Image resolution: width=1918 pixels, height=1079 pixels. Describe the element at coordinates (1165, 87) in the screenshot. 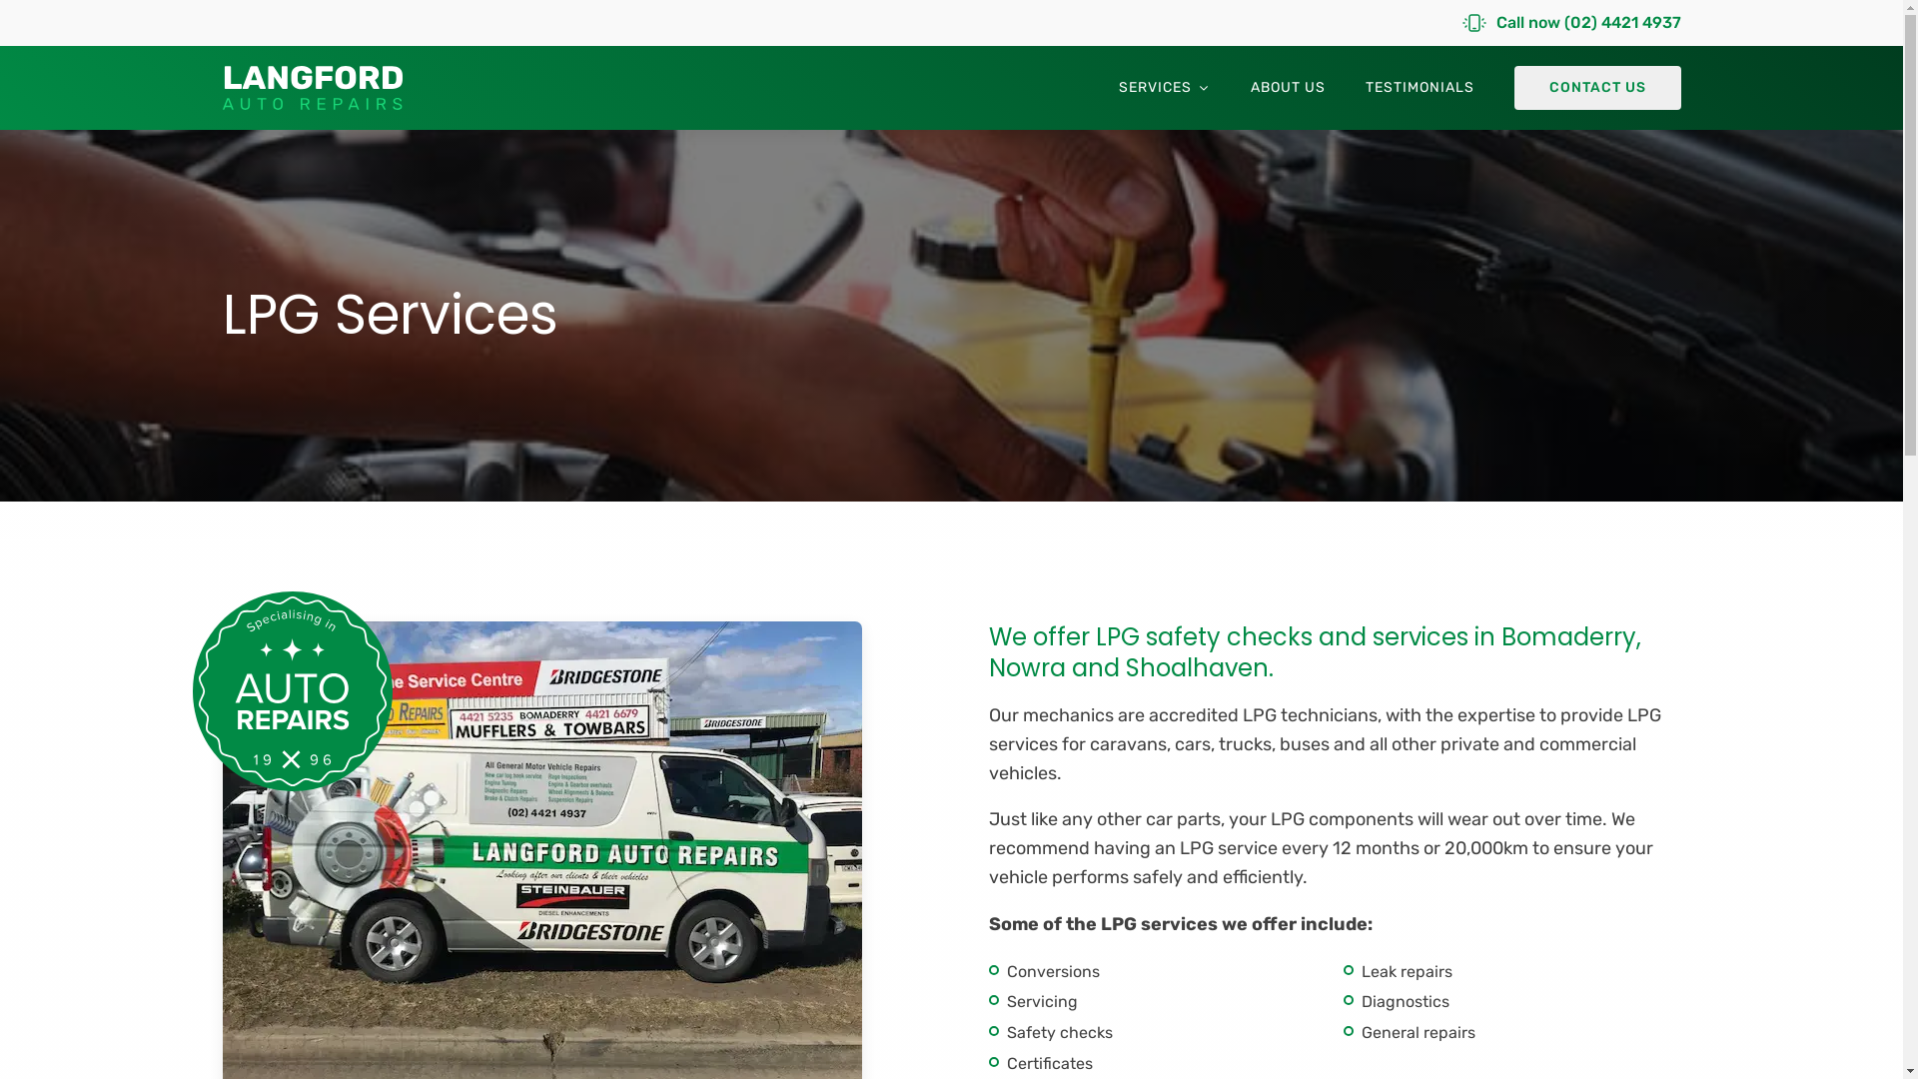

I see `'SERVICES'` at that location.